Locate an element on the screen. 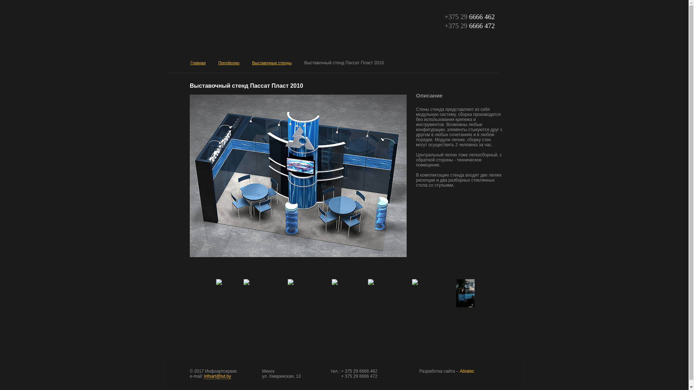  'infoart@tut.by' is located at coordinates (217, 376).